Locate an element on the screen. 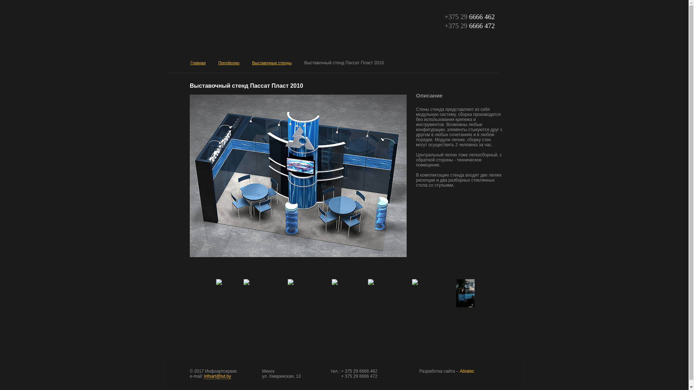  'infoart@tut.by' is located at coordinates (217, 376).